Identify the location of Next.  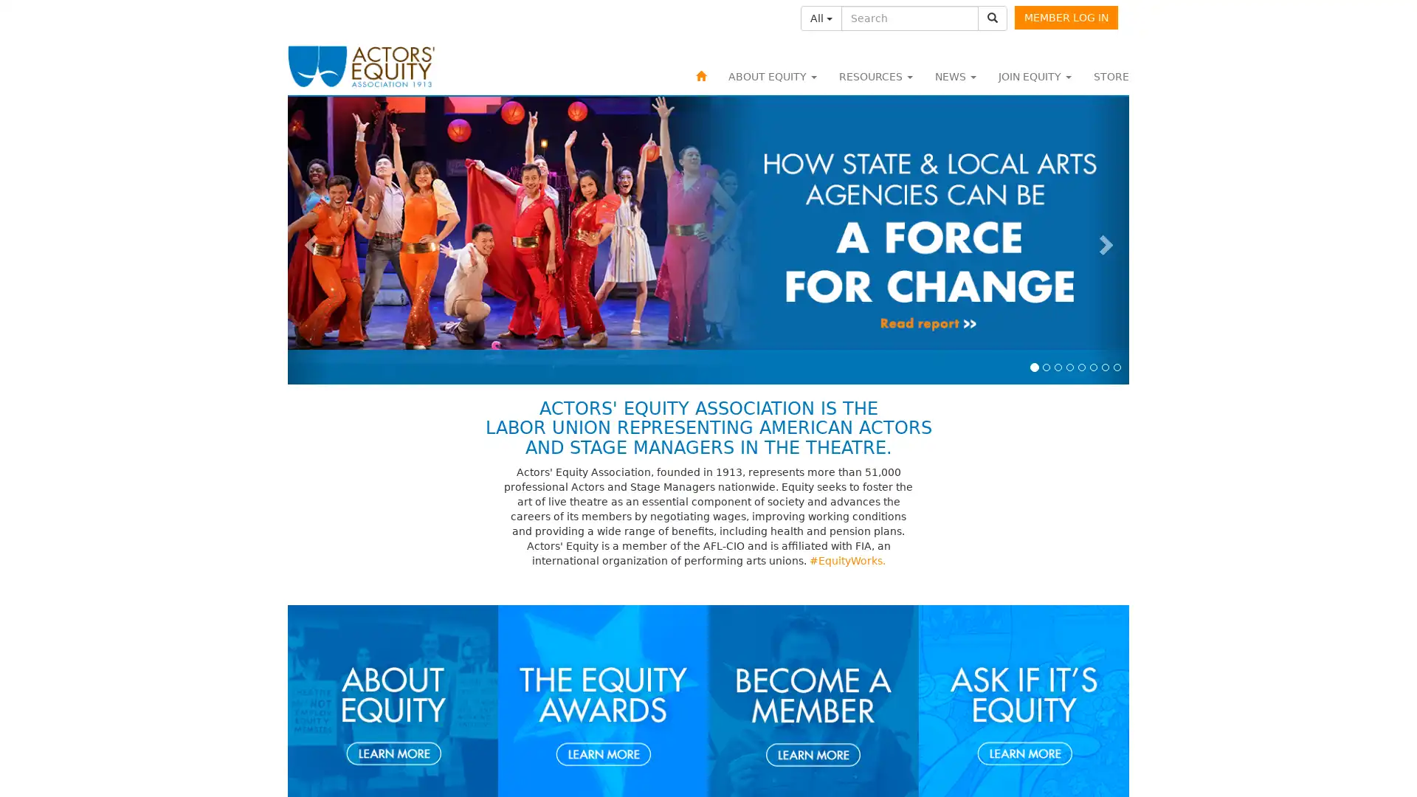
(1108, 239).